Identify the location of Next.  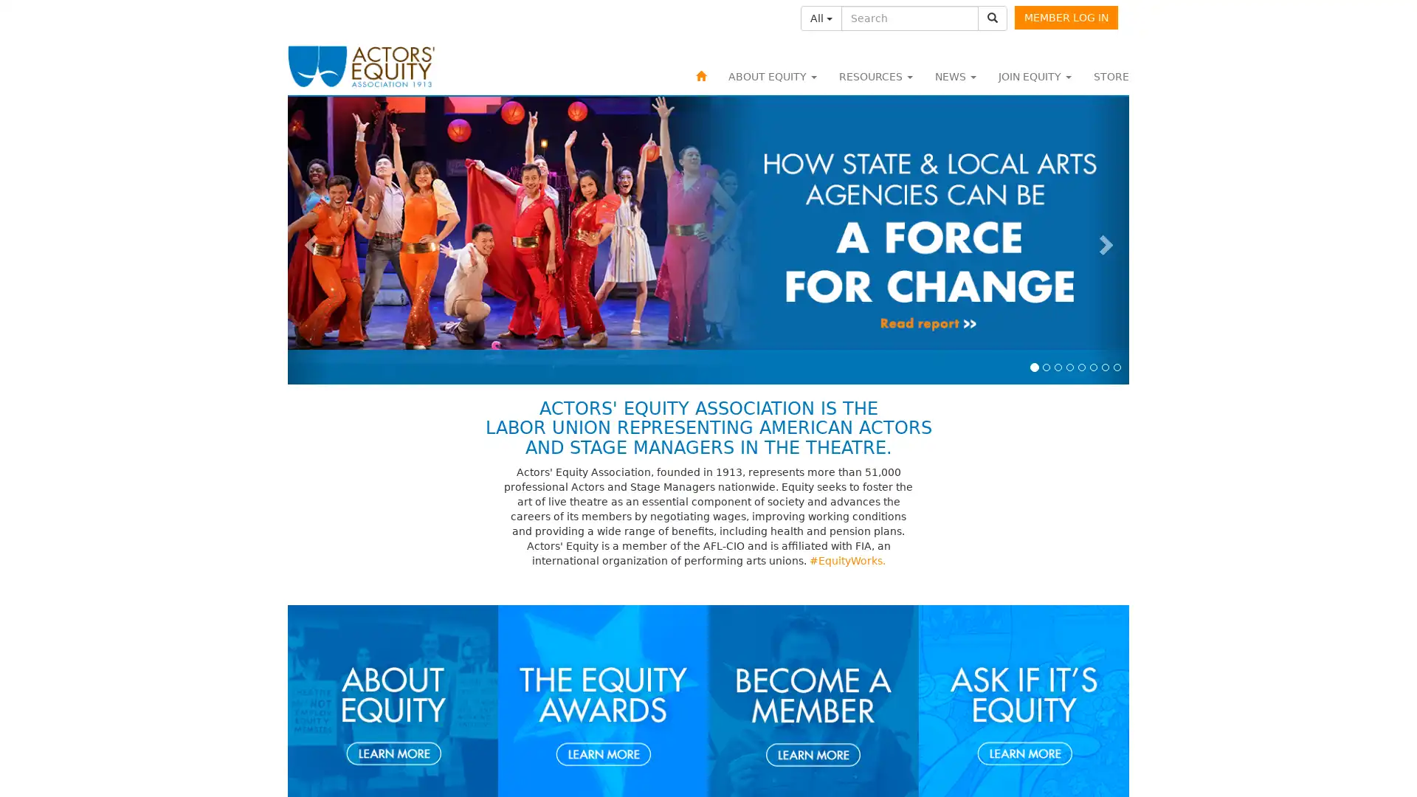
(1108, 239).